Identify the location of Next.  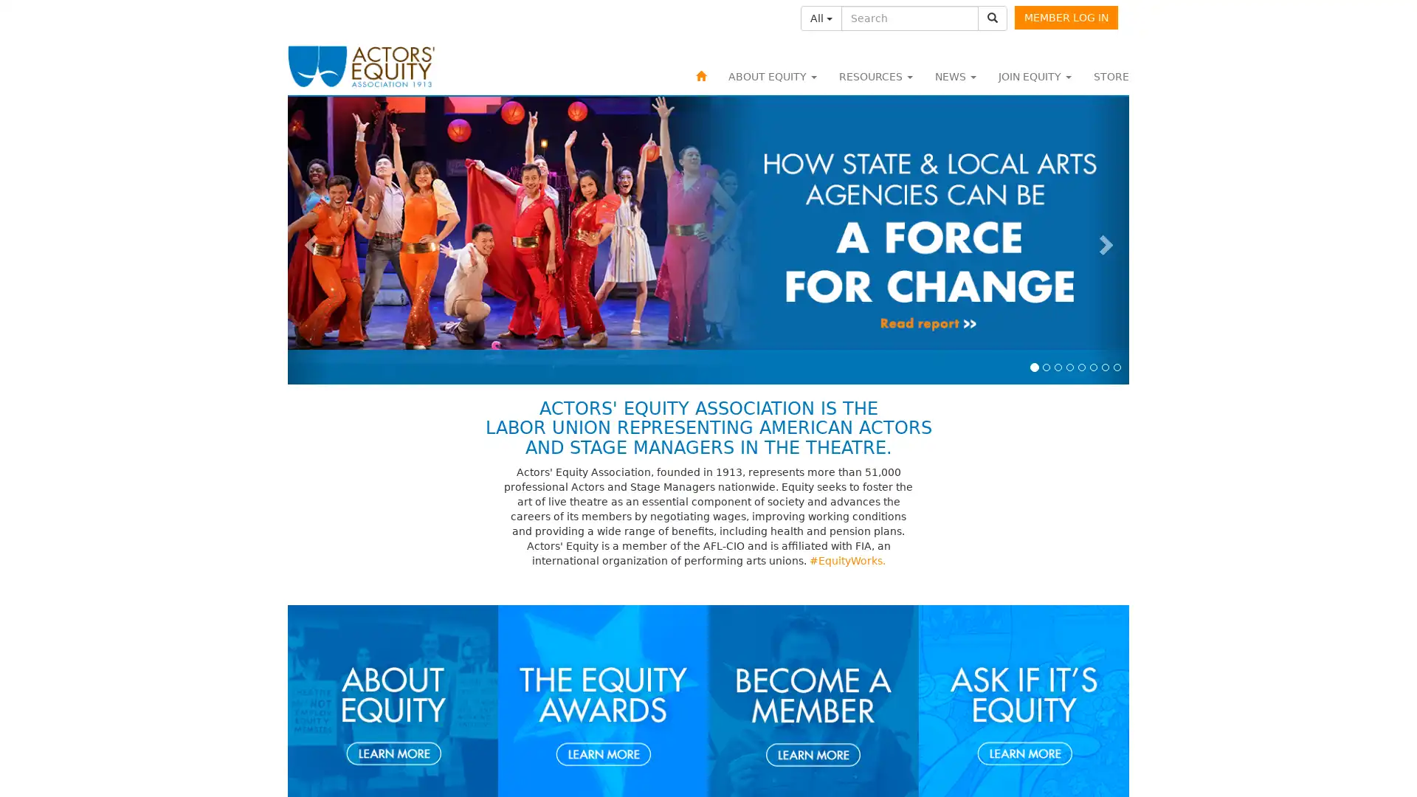
(1108, 239).